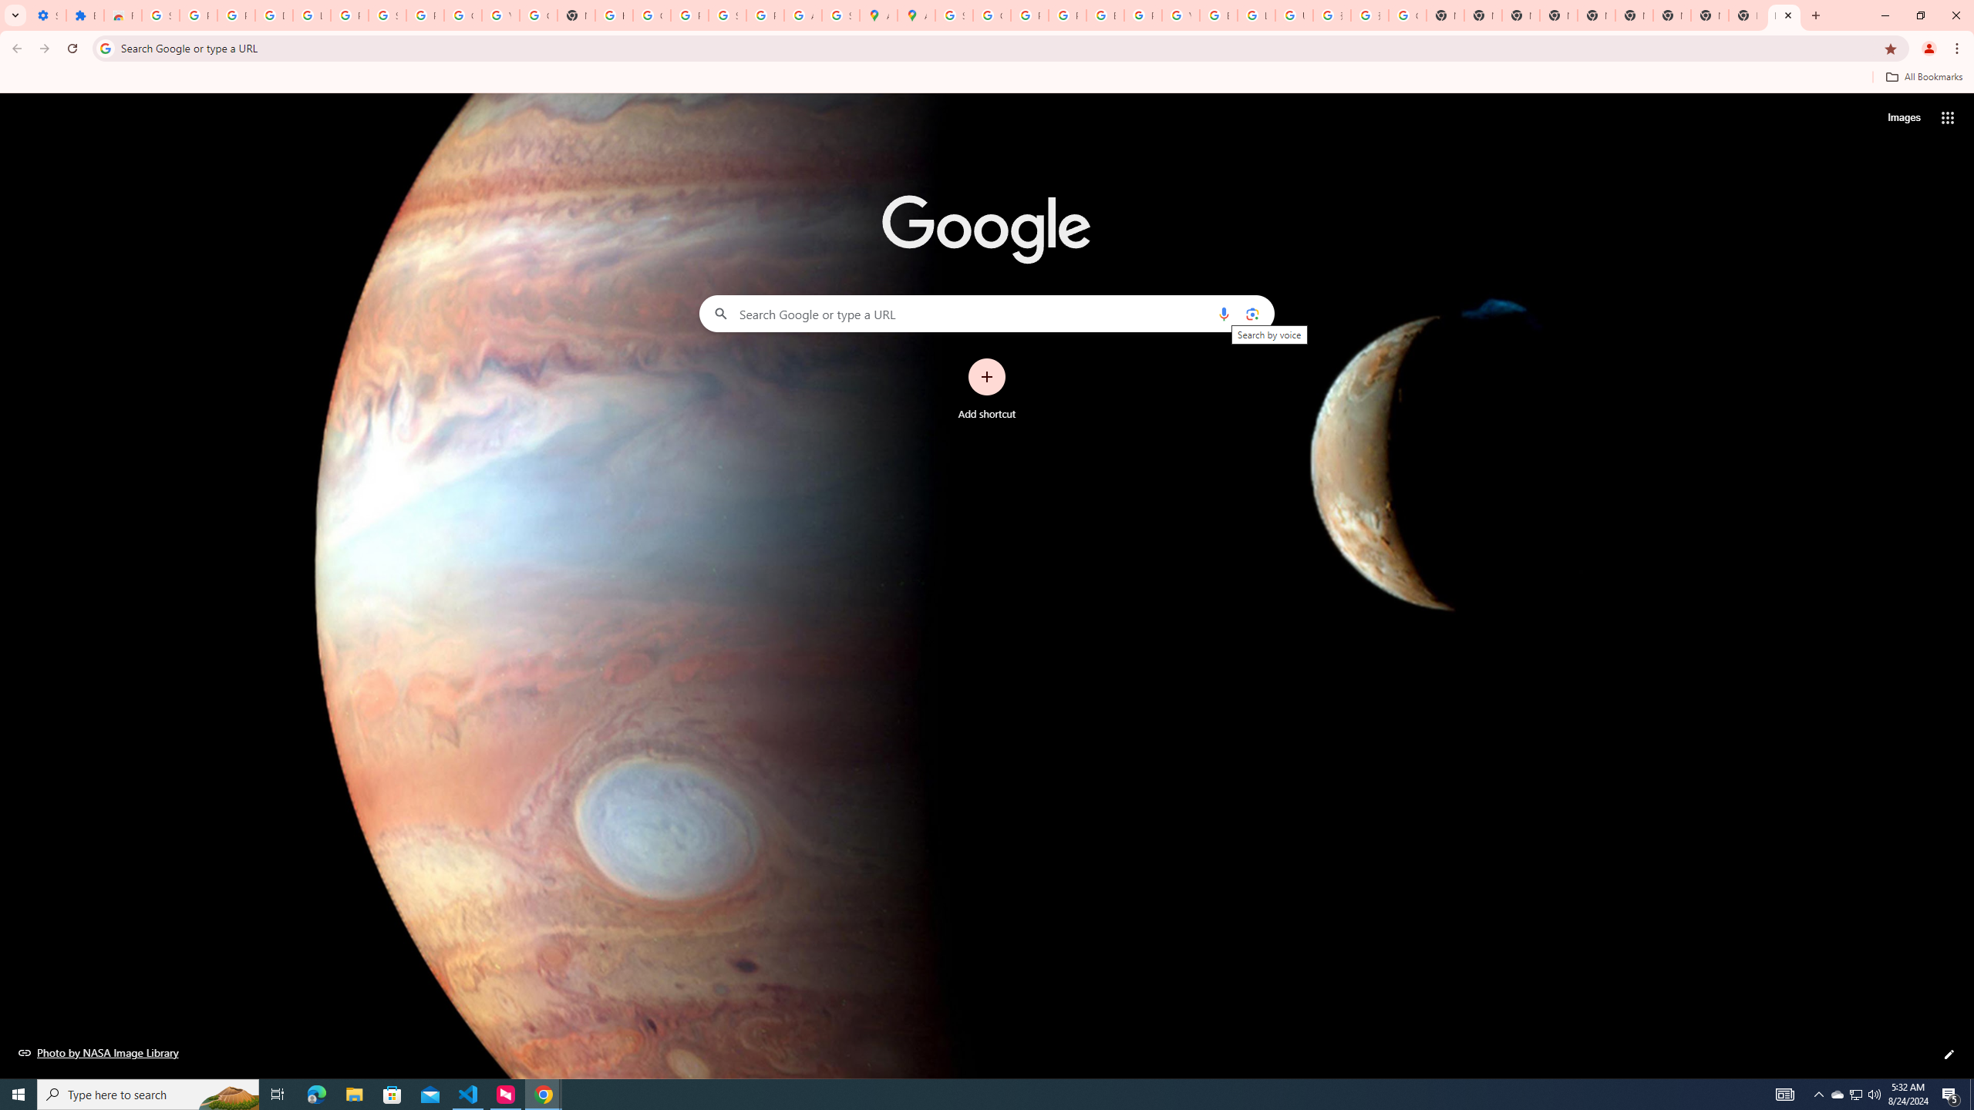 The height and width of the screenshot is (1110, 1974). What do you see at coordinates (840, 15) in the screenshot?
I see `'Safety in Our Products - Google Safety Center'` at bounding box center [840, 15].